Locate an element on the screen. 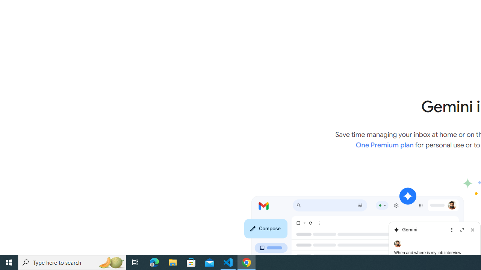 The width and height of the screenshot is (481, 270). 'File Explorer' is located at coordinates (172, 262).